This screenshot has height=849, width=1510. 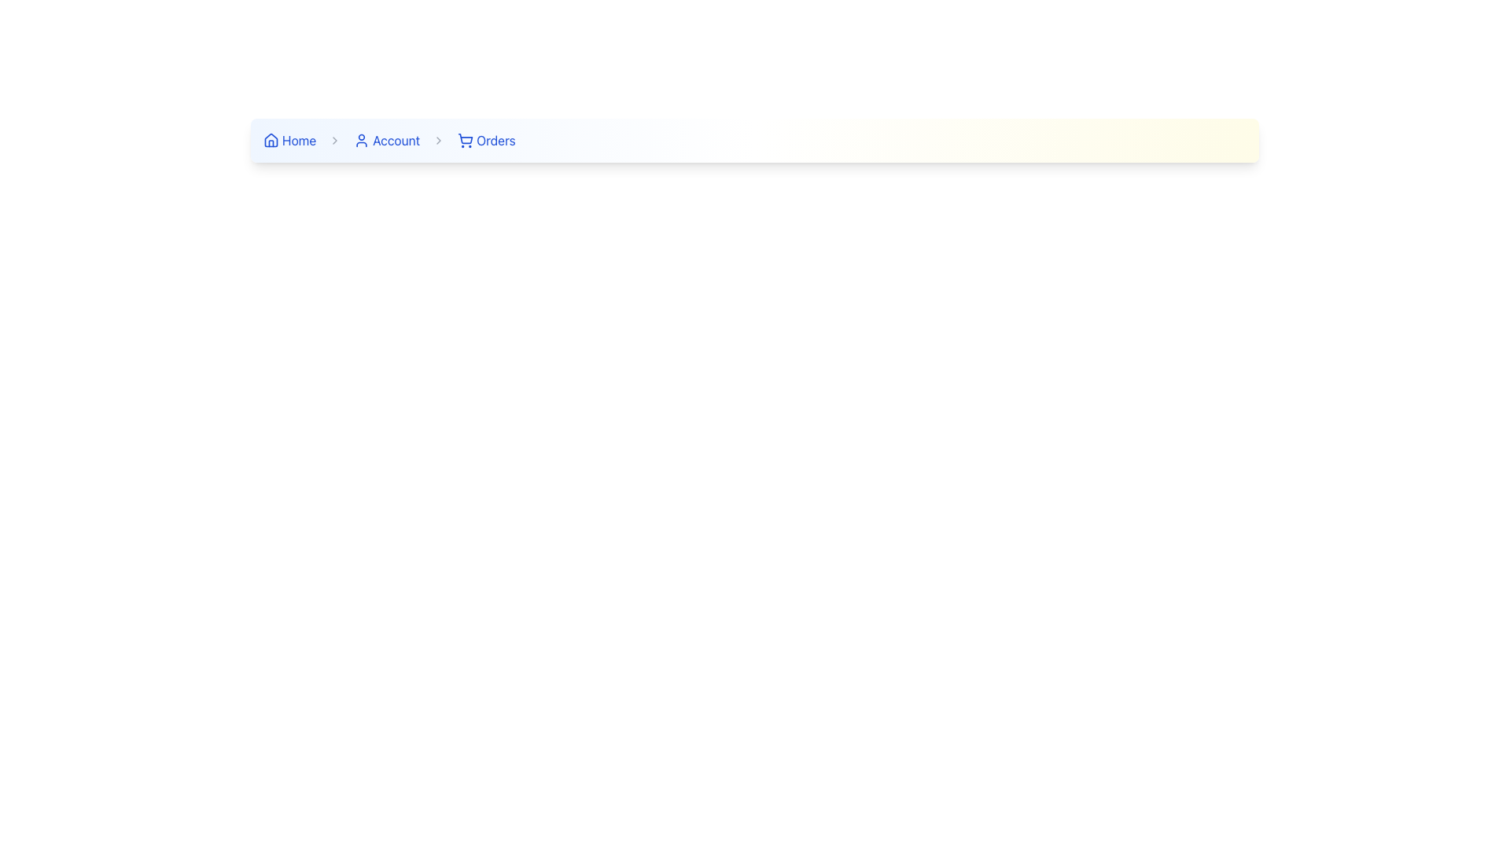 What do you see at coordinates (387, 139) in the screenshot?
I see `the hyperlink with an icon and text label that navigates to the Account page, positioned as the second element in the breadcrumb navigation bar` at bounding box center [387, 139].